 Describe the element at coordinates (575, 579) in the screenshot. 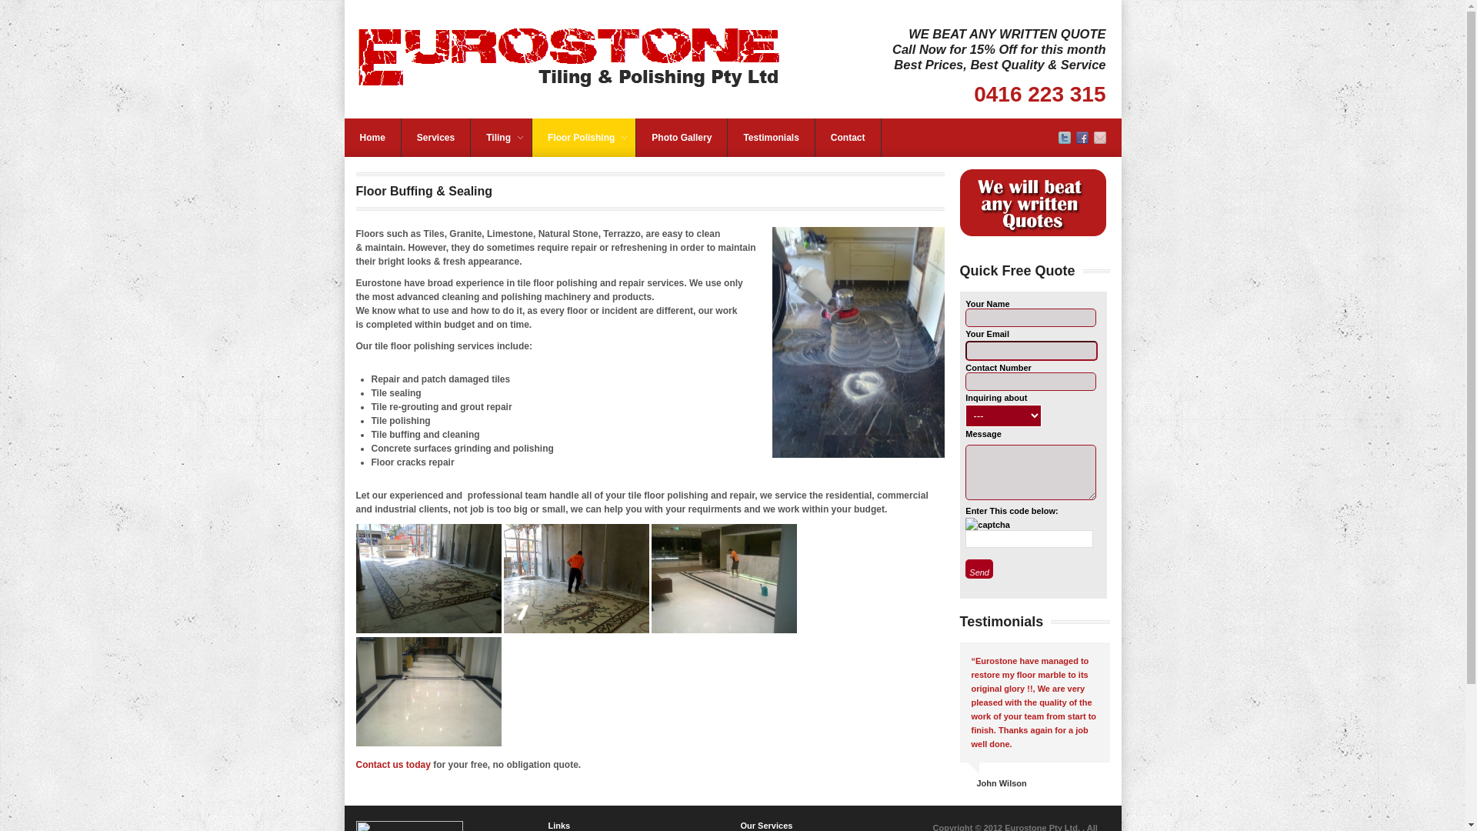

I see `'06052009357'` at that location.